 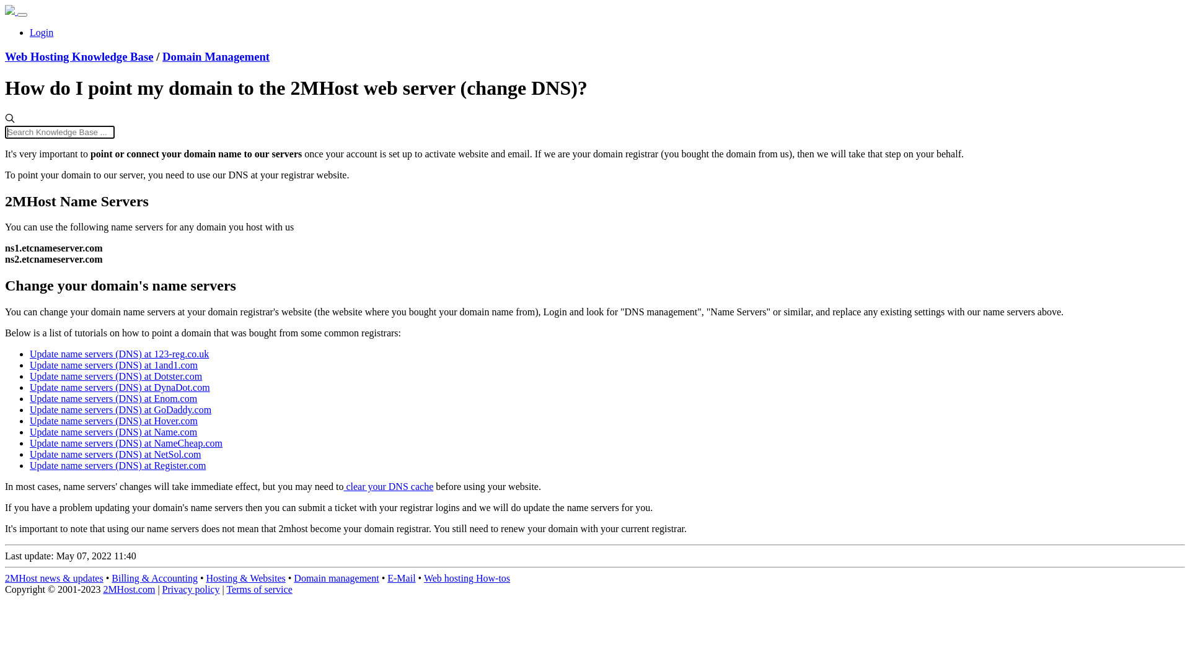 I want to click on 'Update name servers (DNS) at 1and1.com', so click(x=113, y=364).